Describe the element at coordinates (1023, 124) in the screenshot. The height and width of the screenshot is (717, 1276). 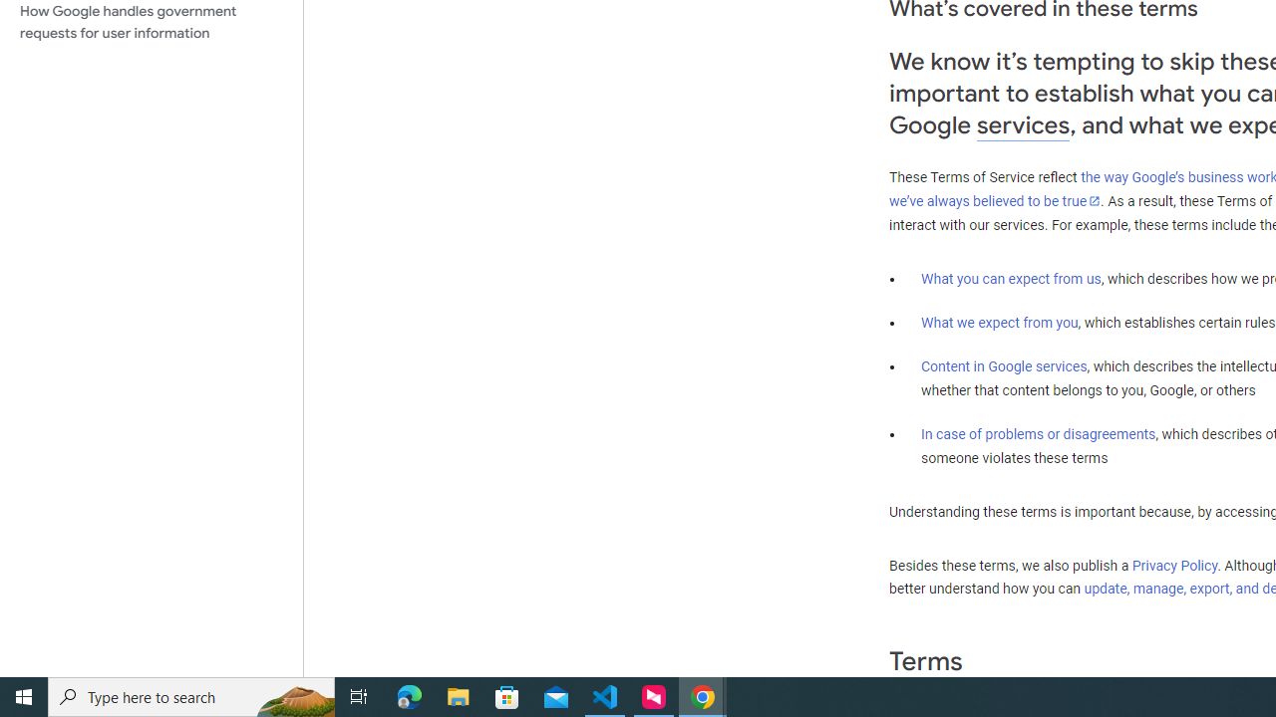
I see `'services'` at that location.